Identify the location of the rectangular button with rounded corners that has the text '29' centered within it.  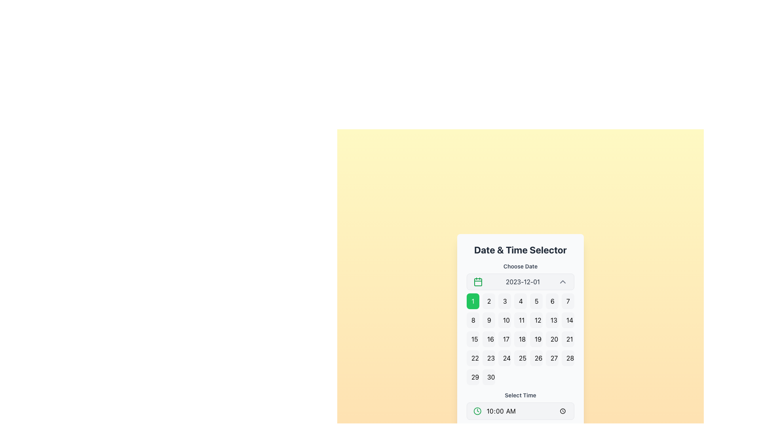
(473, 376).